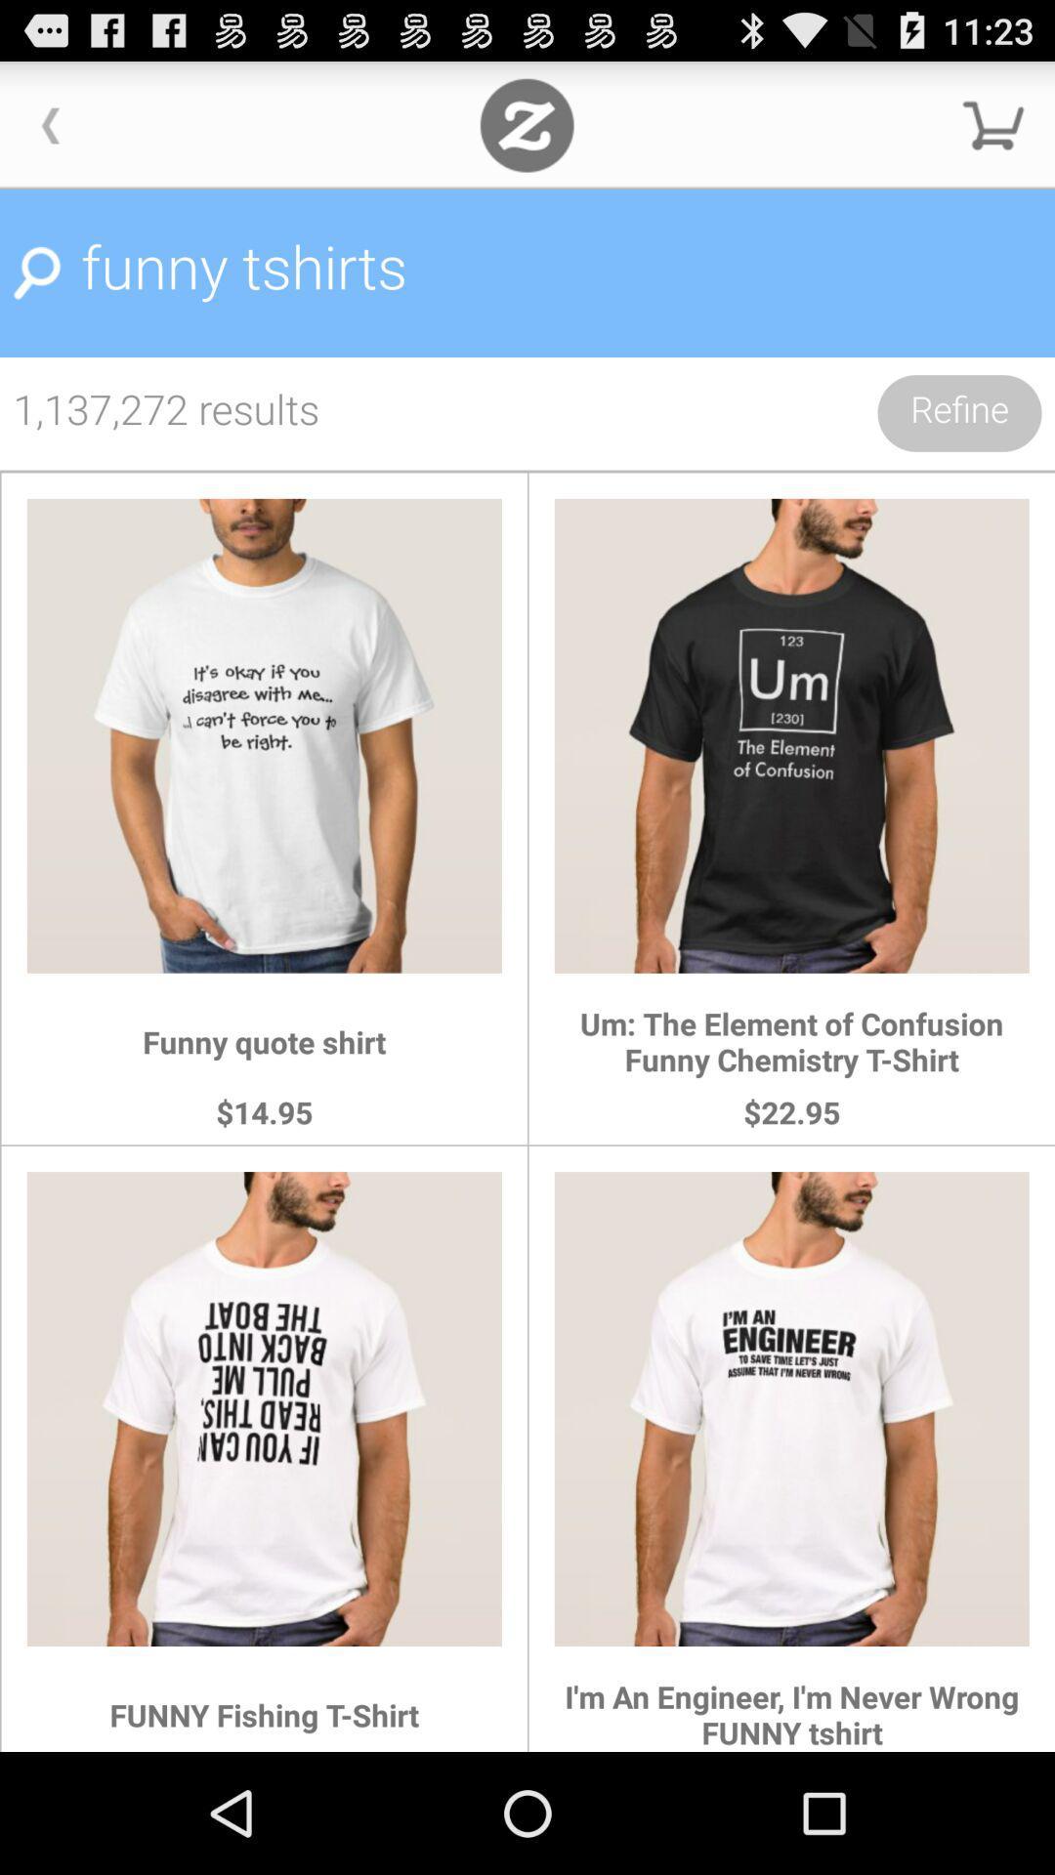 This screenshot has width=1055, height=1875. Describe the element at coordinates (526, 124) in the screenshot. I see `back to the home page` at that location.